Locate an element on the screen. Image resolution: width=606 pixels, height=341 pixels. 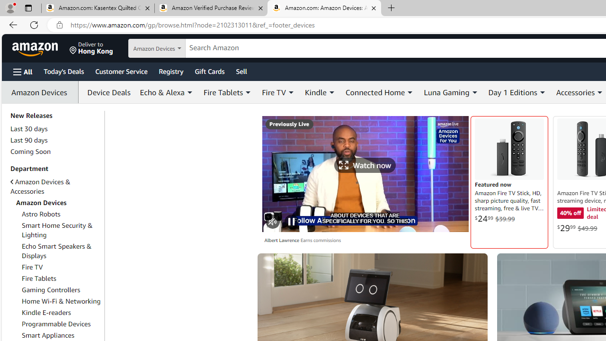
'Expand Day 1 Editions' is located at coordinates (542, 92).